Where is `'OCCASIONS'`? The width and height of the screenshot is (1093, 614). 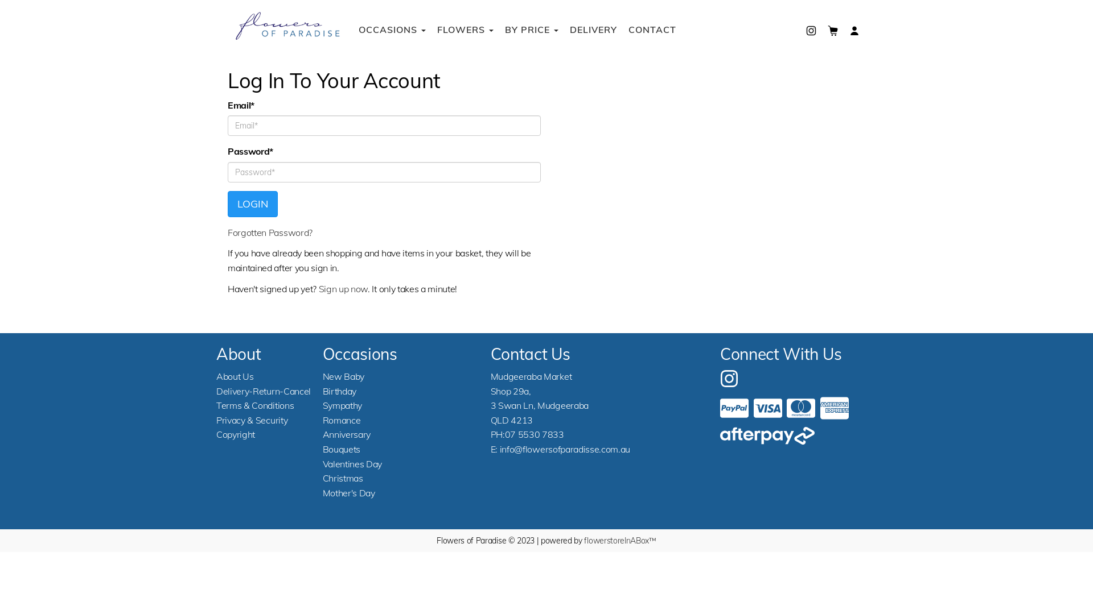 'OCCASIONS' is located at coordinates (392, 28).